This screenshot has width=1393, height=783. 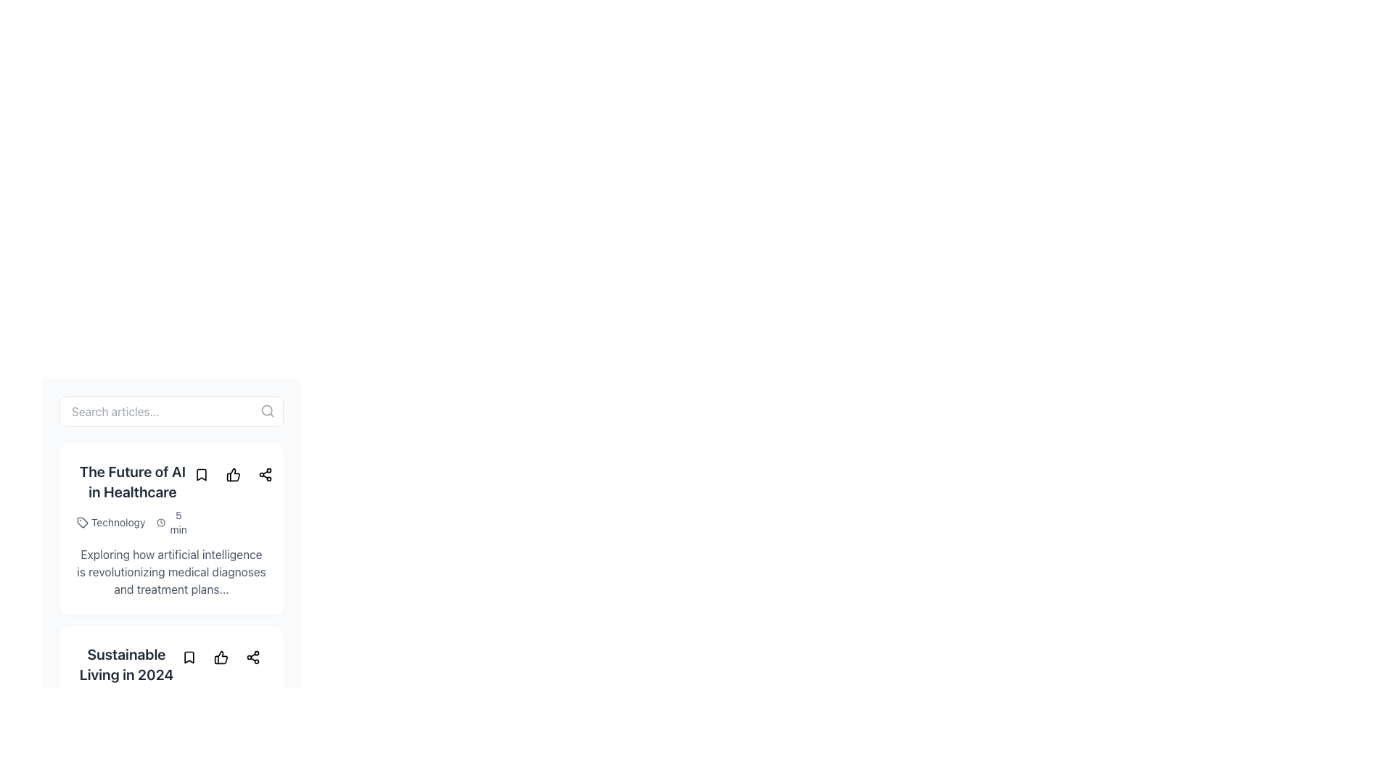 I want to click on the information display element that provides metadata including the category 'Technology' and reading time '5 min', located beneath the title 'The Future of AI in Healthcare', so click(x=132, y=523).